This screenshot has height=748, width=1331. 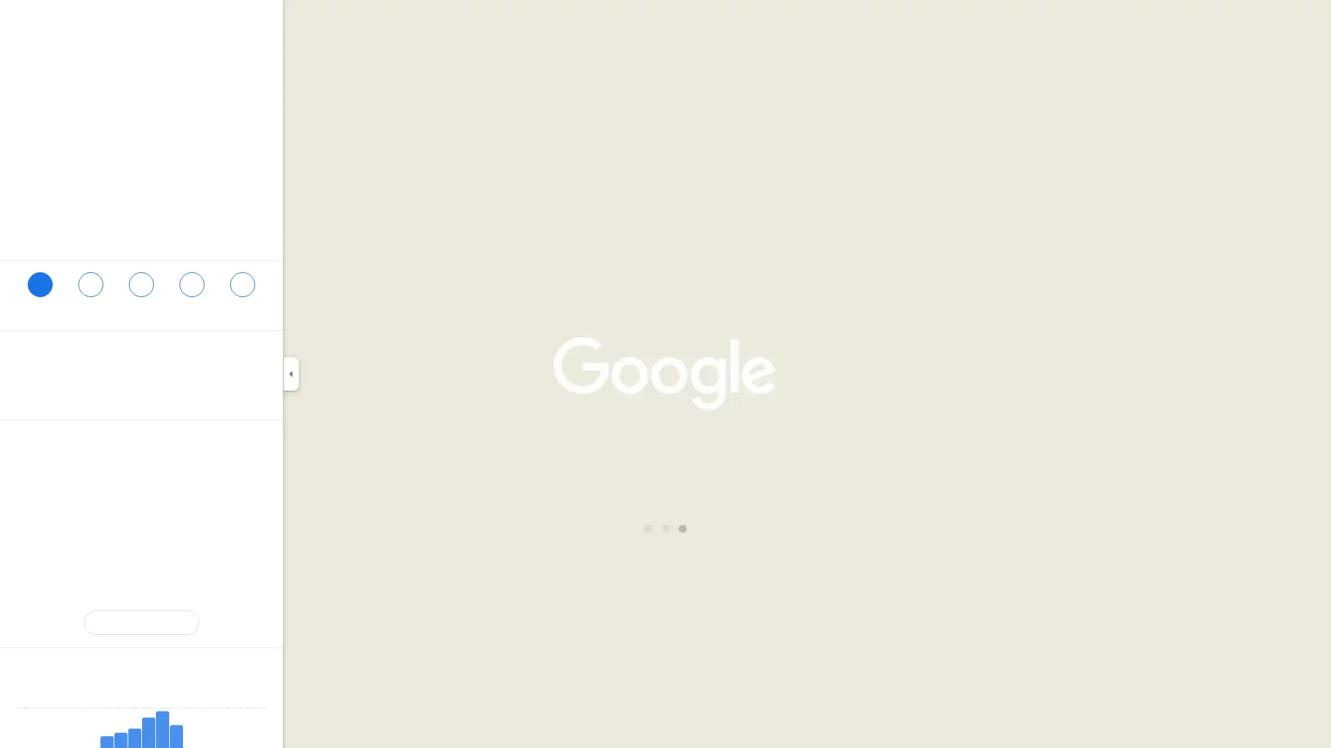 I want to click on Used book store, so click(x=51, y=242).